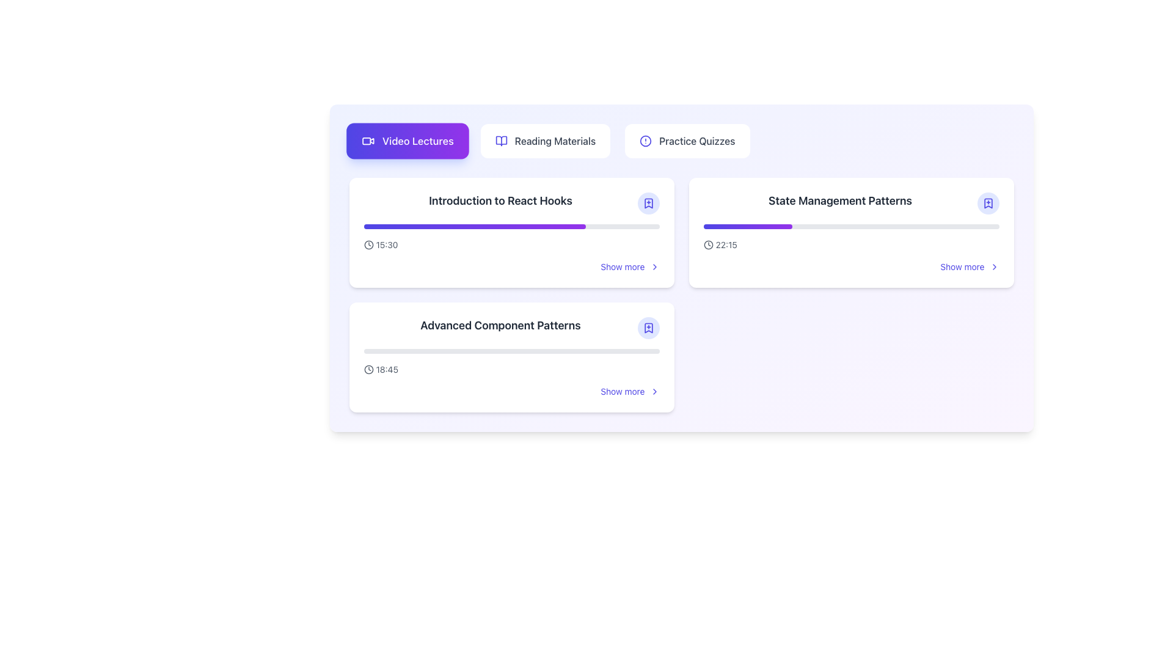 Image resolution: width=1173 pixels, height=660 pixels. Describe the element at coordinates (648, 202) in the screenshot. I see `the bookmark icon associated with the 'Introduction to React Hooks' section, which is a triangular shape within the larger bookmark structure` at that location.